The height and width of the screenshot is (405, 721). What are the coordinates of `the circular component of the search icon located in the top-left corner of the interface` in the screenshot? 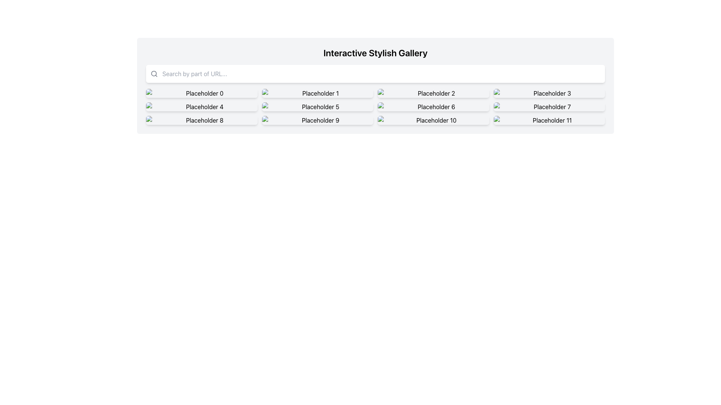 It's located at (153, 73).